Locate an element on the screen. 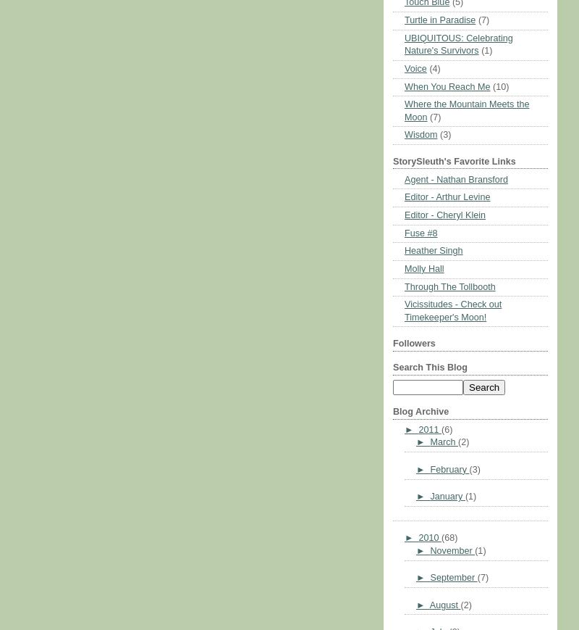 The height and width of the screenshot is (630, 579). 'January' is located at coordinates (447, 497).